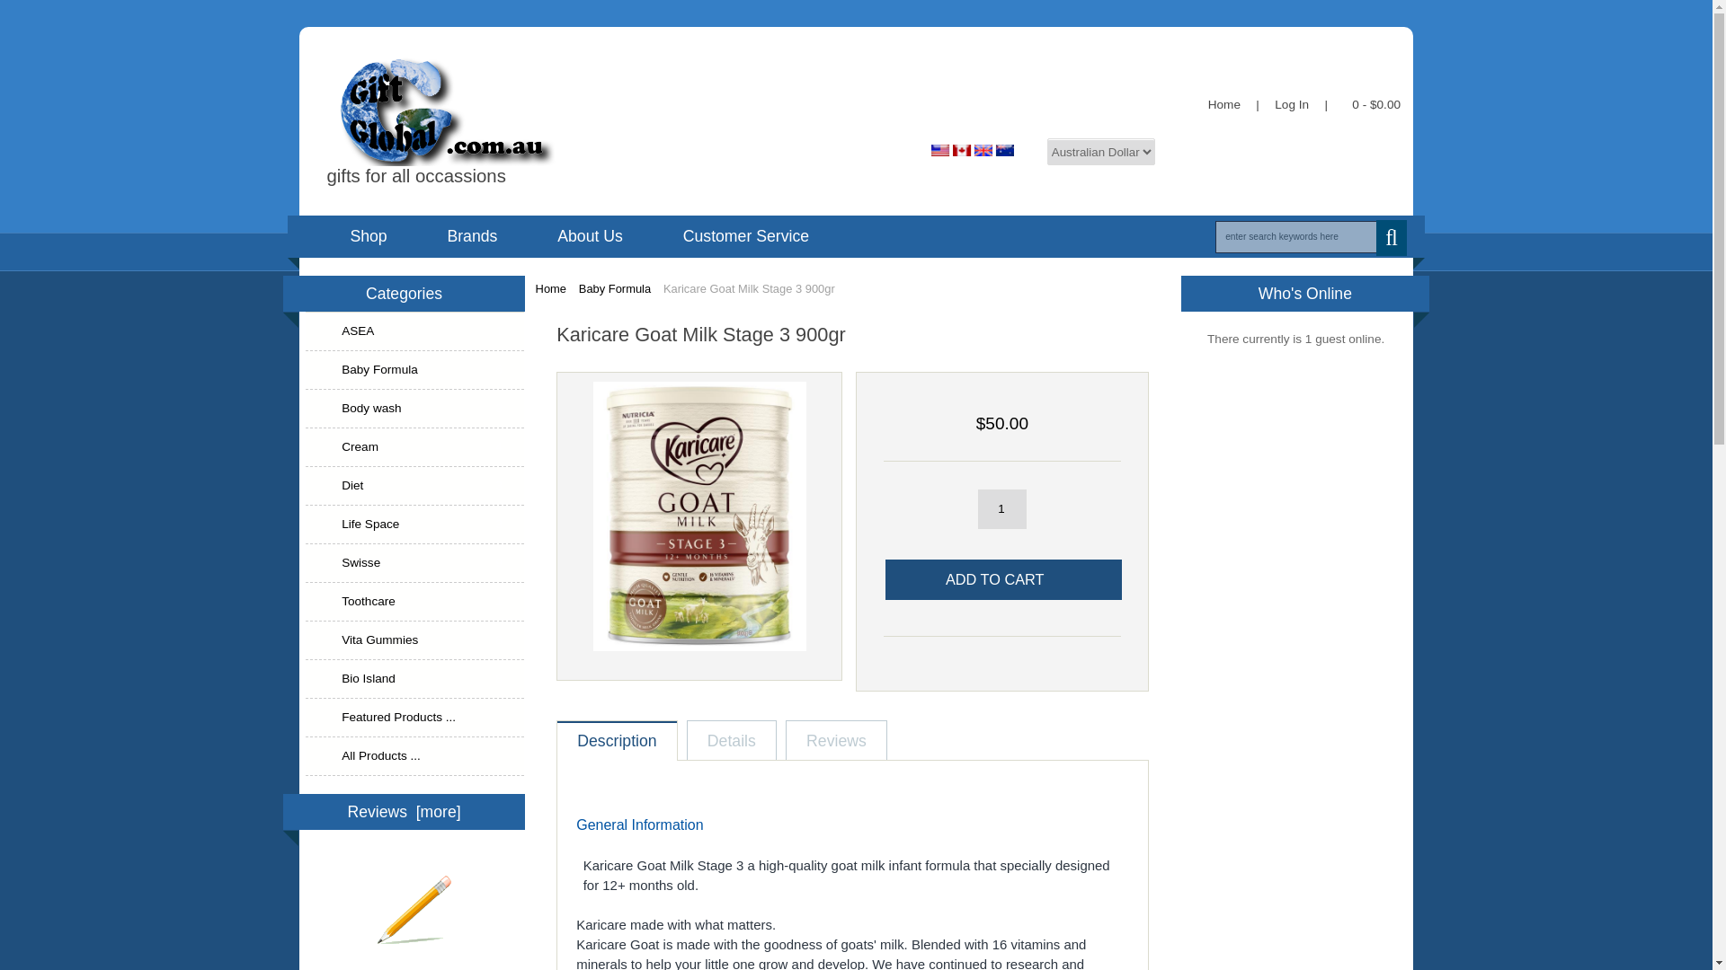 This screenshot has width=1726, height=970. I want to click on 'About Us', so click(525, 234).